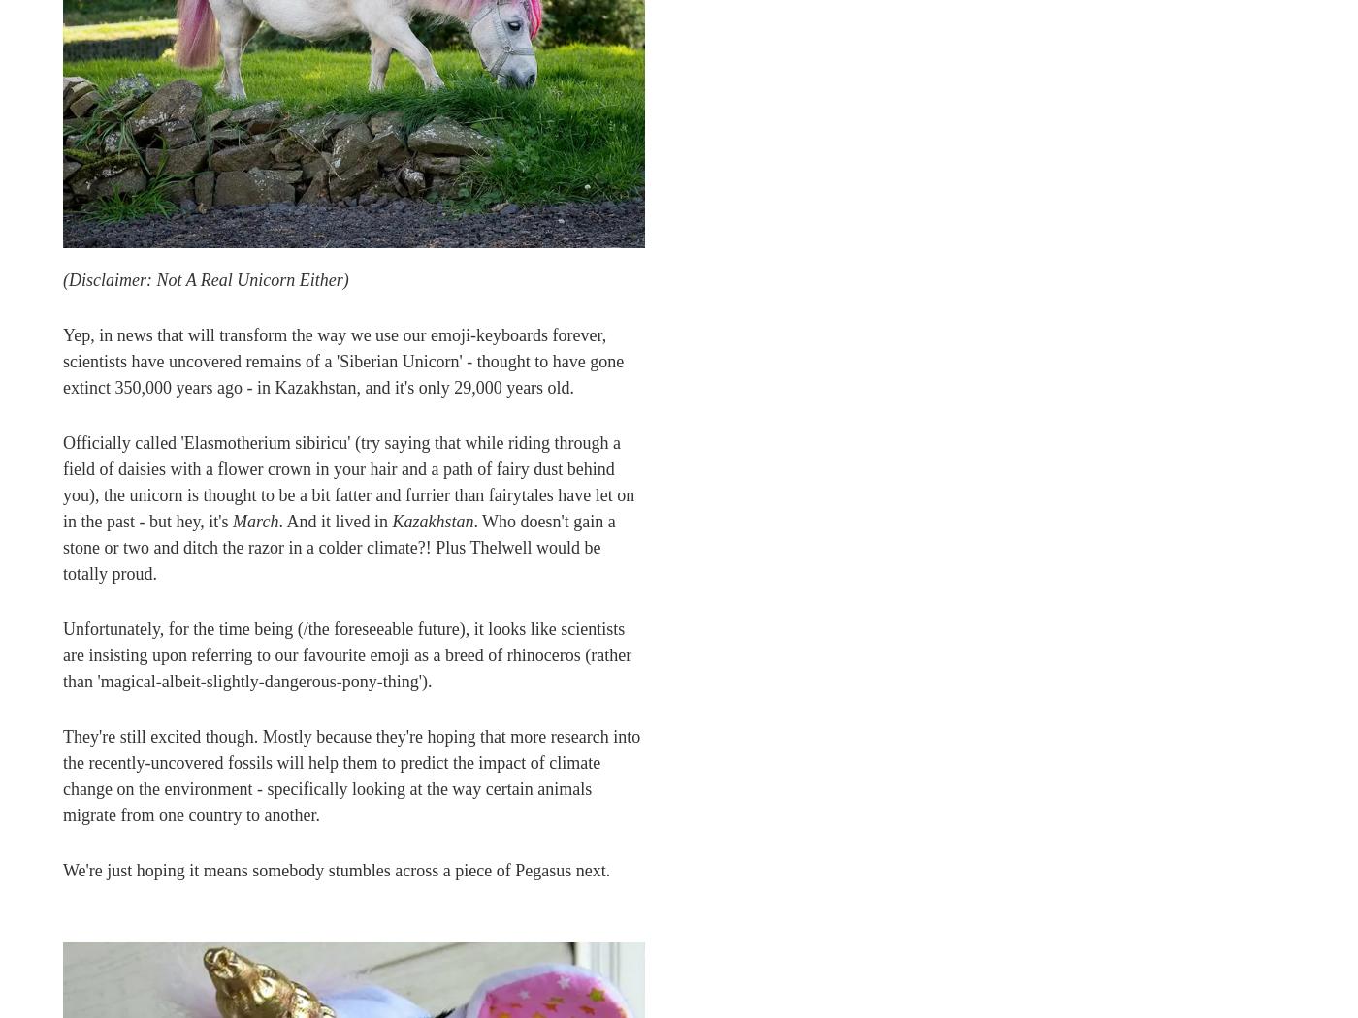  I want to click on 'They're still excited though. Mostly because they're hoping that more research into the recently-uncovered fossils will help them to predict the impact of climate change on the environment - specifically looking at the way certain animals migrate from one country to another.', so click(351, 774).